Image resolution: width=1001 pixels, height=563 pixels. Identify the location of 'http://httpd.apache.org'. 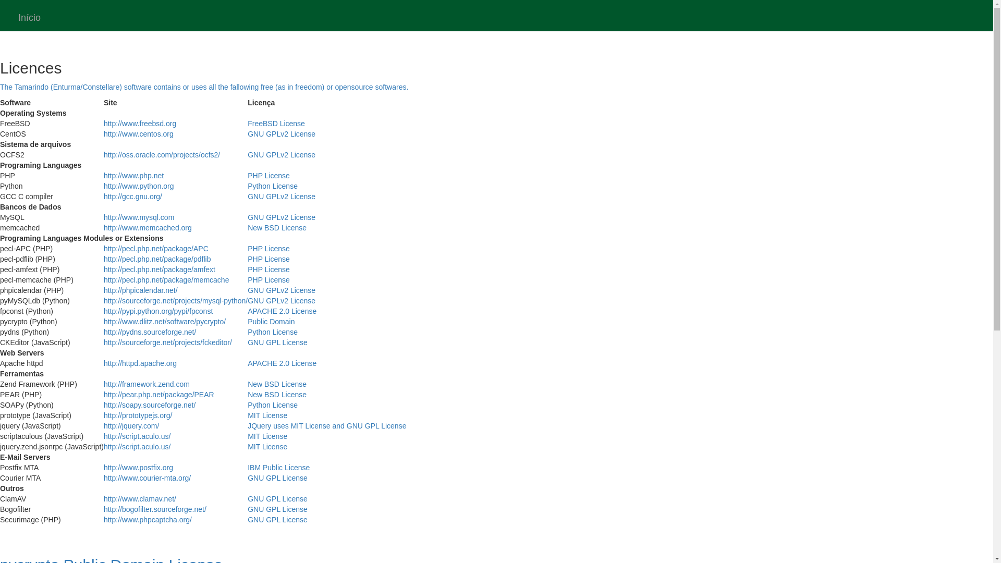
(139, 363).